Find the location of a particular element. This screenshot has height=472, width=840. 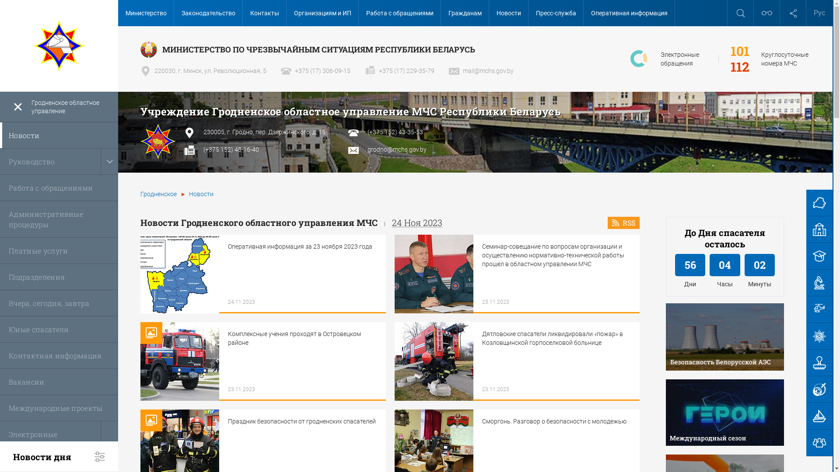

'112' is located at coordinates (731, 66).